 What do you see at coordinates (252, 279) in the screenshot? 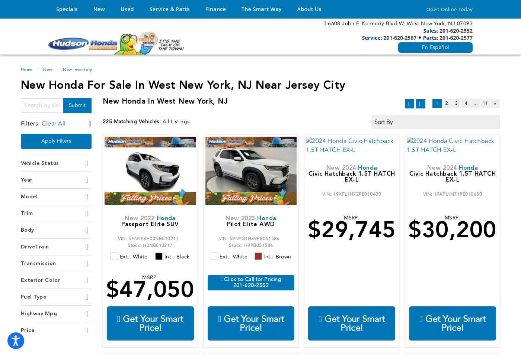
I see `'Click to Call for Pricing'` at bounding box center [252, 279].